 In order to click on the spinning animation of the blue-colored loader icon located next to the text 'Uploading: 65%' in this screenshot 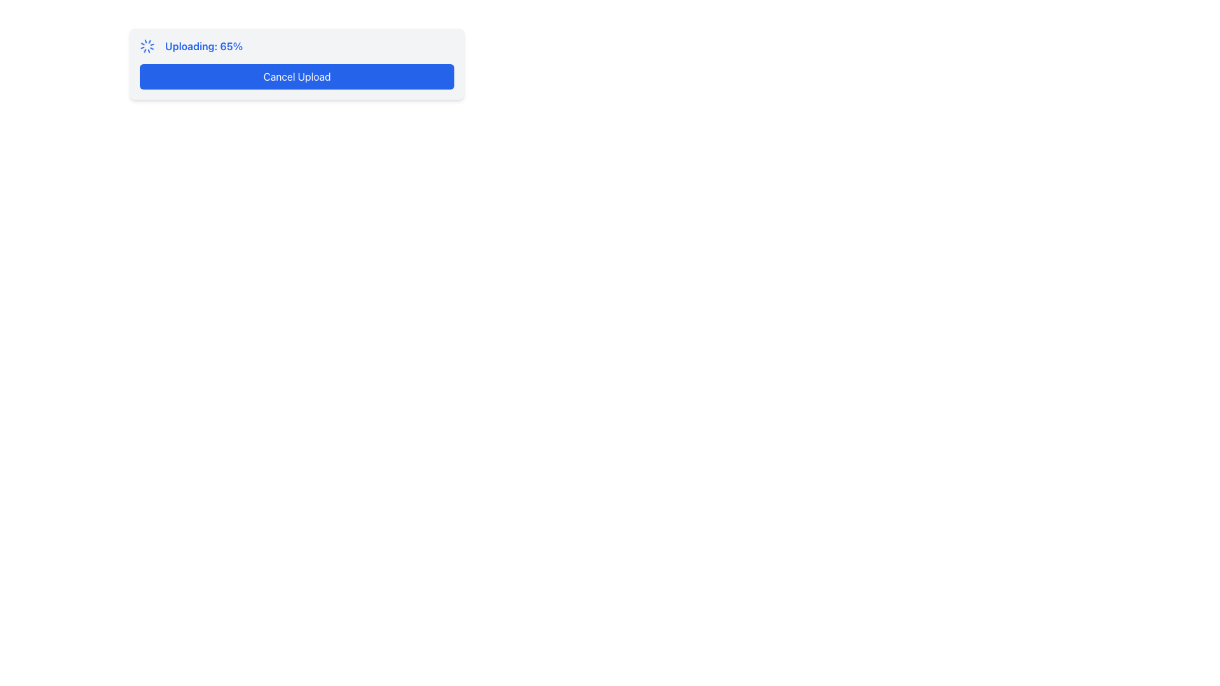, I will do `click(147, 46)`.